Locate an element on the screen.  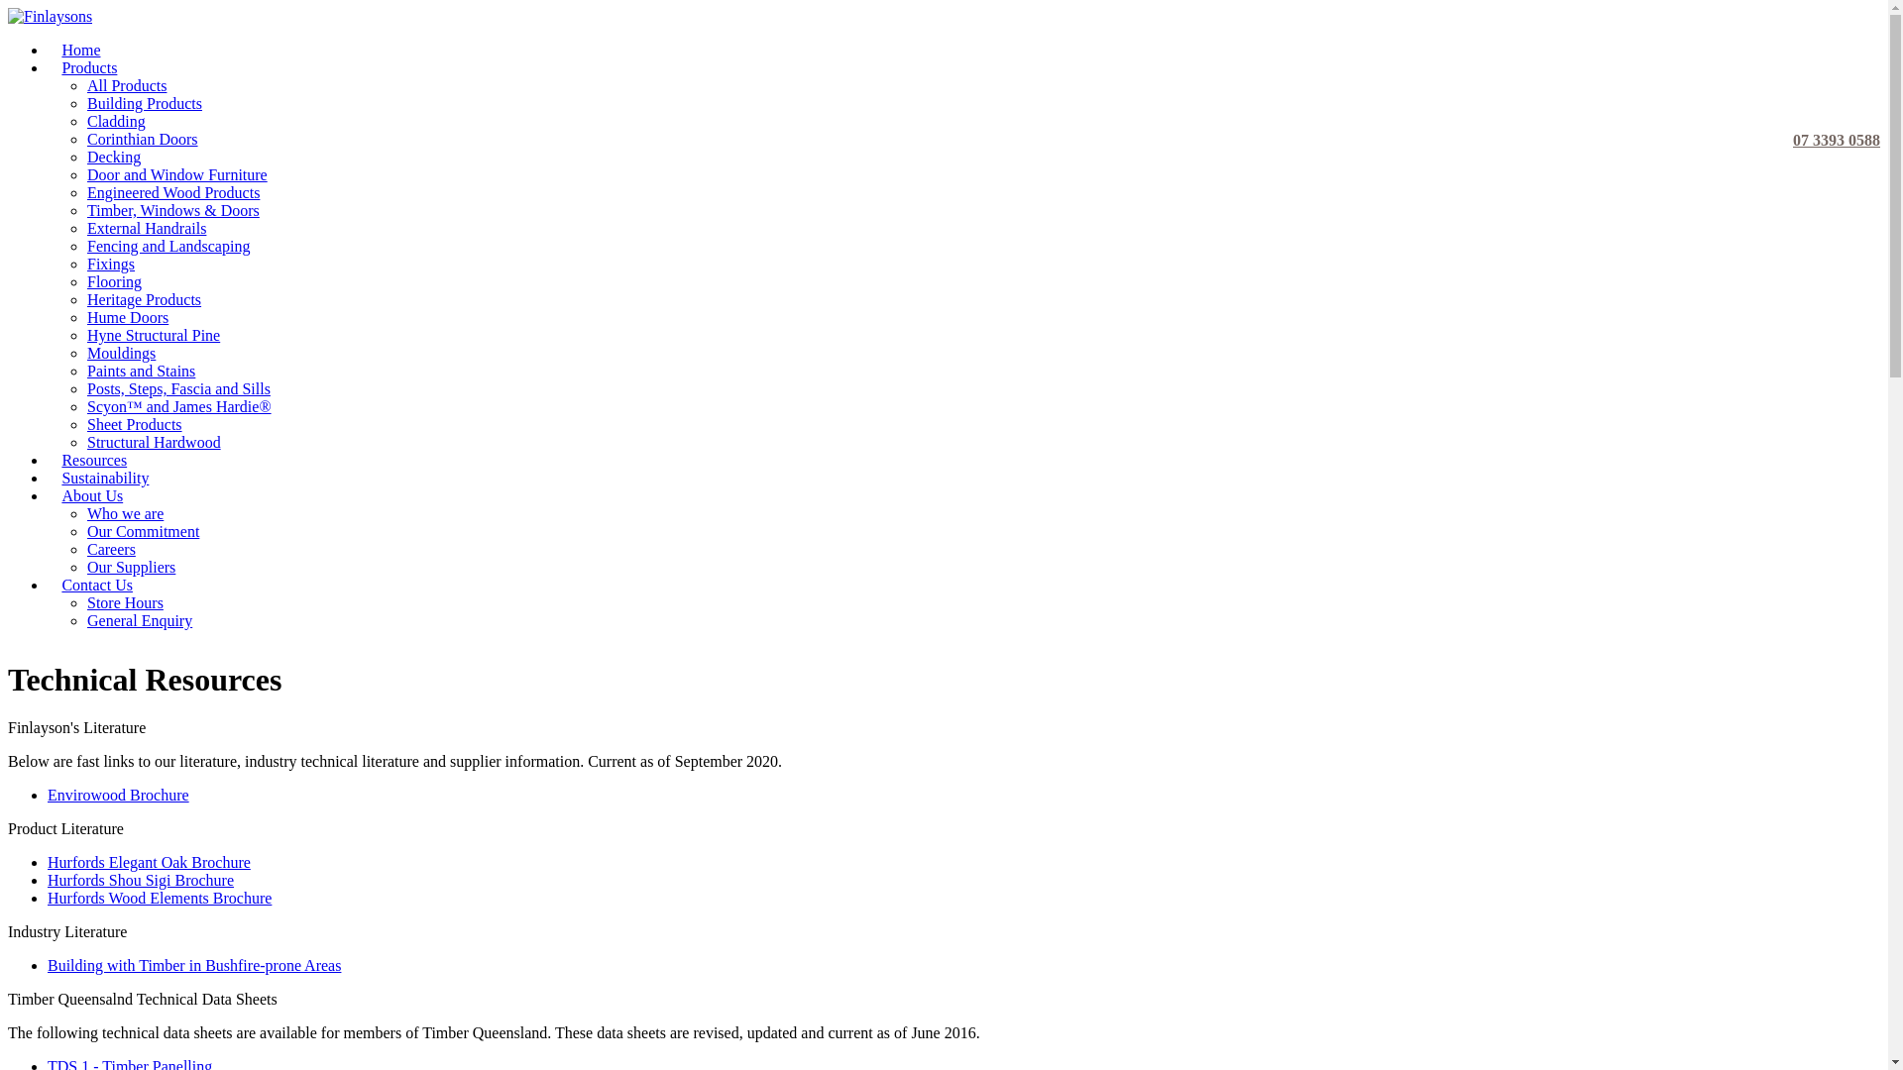
'Building with Timber in Bushfire-prone Areas' is located at coordinates (194, 964).